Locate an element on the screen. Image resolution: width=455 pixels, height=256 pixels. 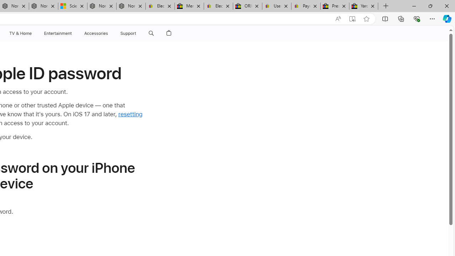
'Search Support' is located at coordinates (151, 33).